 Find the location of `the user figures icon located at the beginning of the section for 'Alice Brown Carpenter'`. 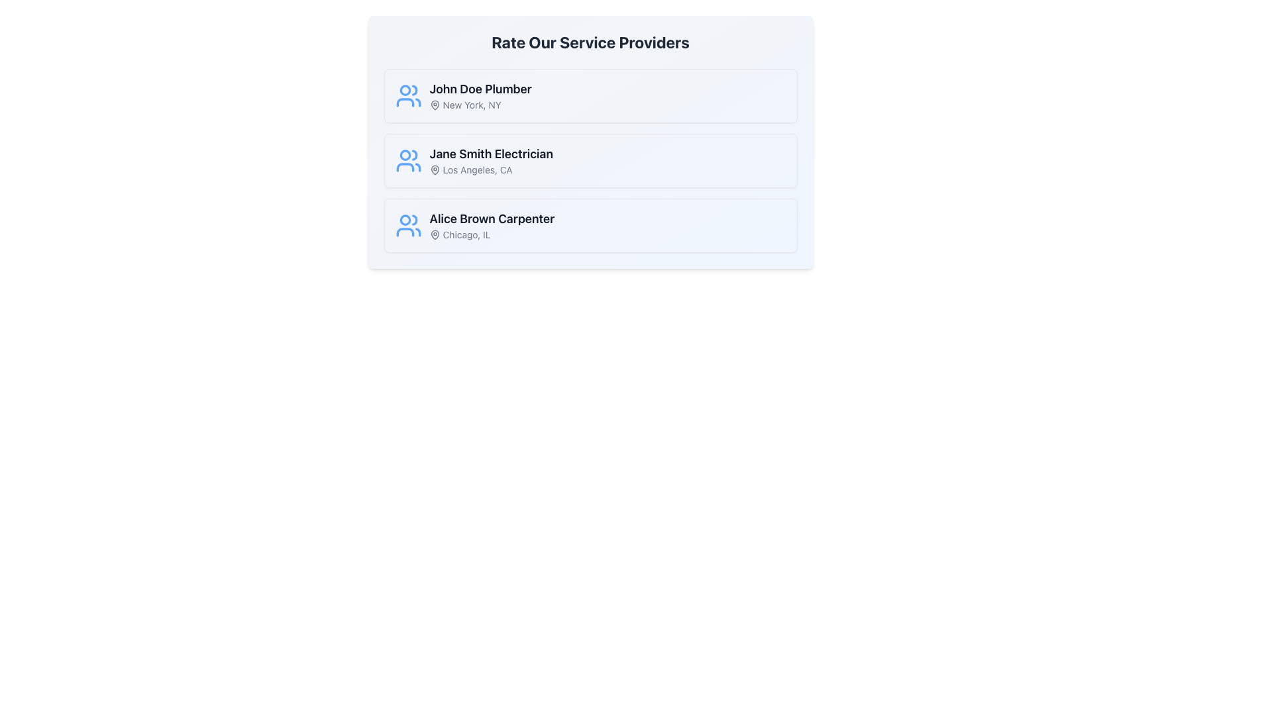

the user figures icon located at the beginning of the section for 'Alice Brown Carpenter' is located at coordinates (407, 224).